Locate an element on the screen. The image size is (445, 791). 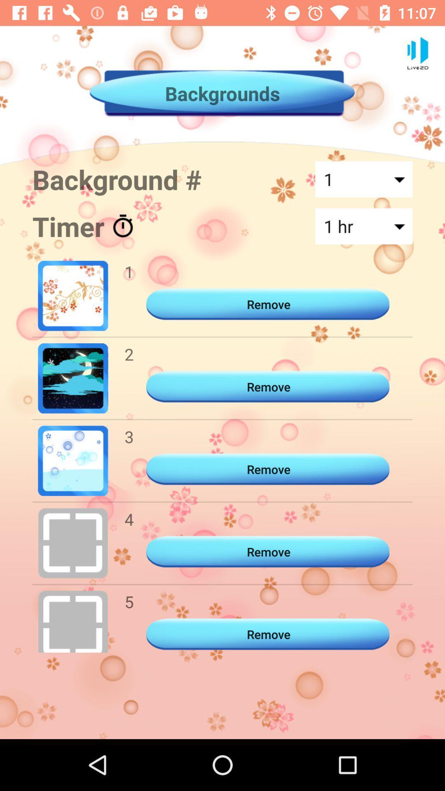
the icon to the left of remove is located at coordinates (129, 601).